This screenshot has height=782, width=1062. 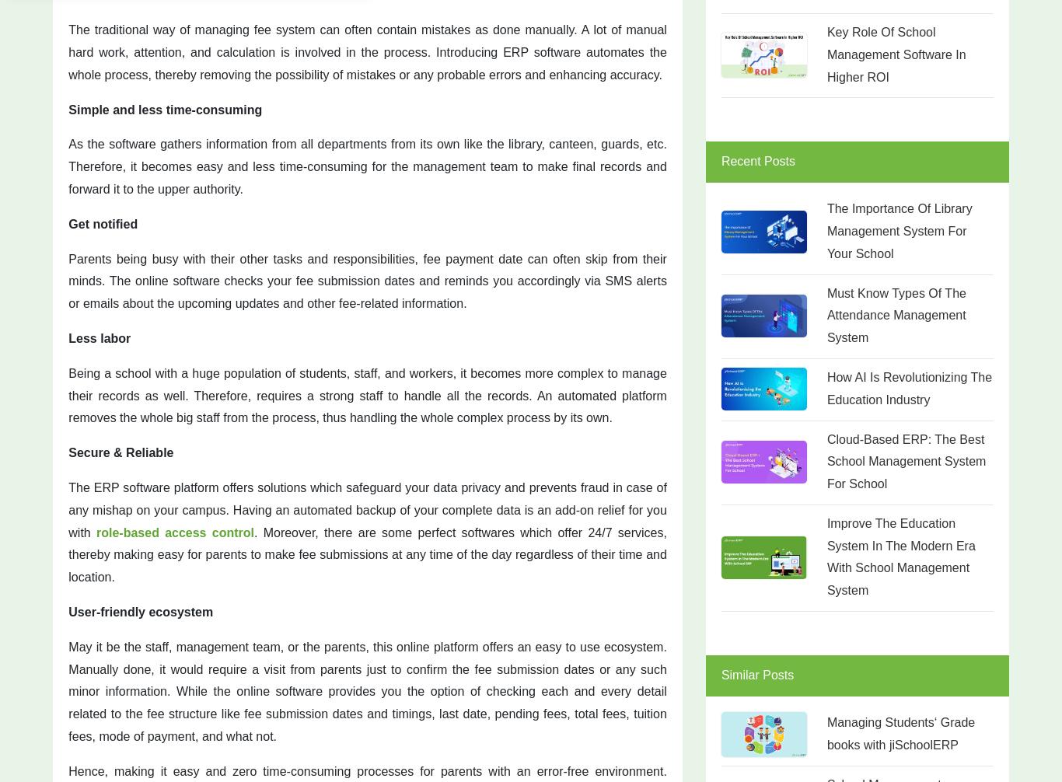 What do you see at coordinates (900, 732) in the screenshot?
I see `'Managing Students‘ Grade books with jiSchoolERP'` at bounding box center [900, 732].